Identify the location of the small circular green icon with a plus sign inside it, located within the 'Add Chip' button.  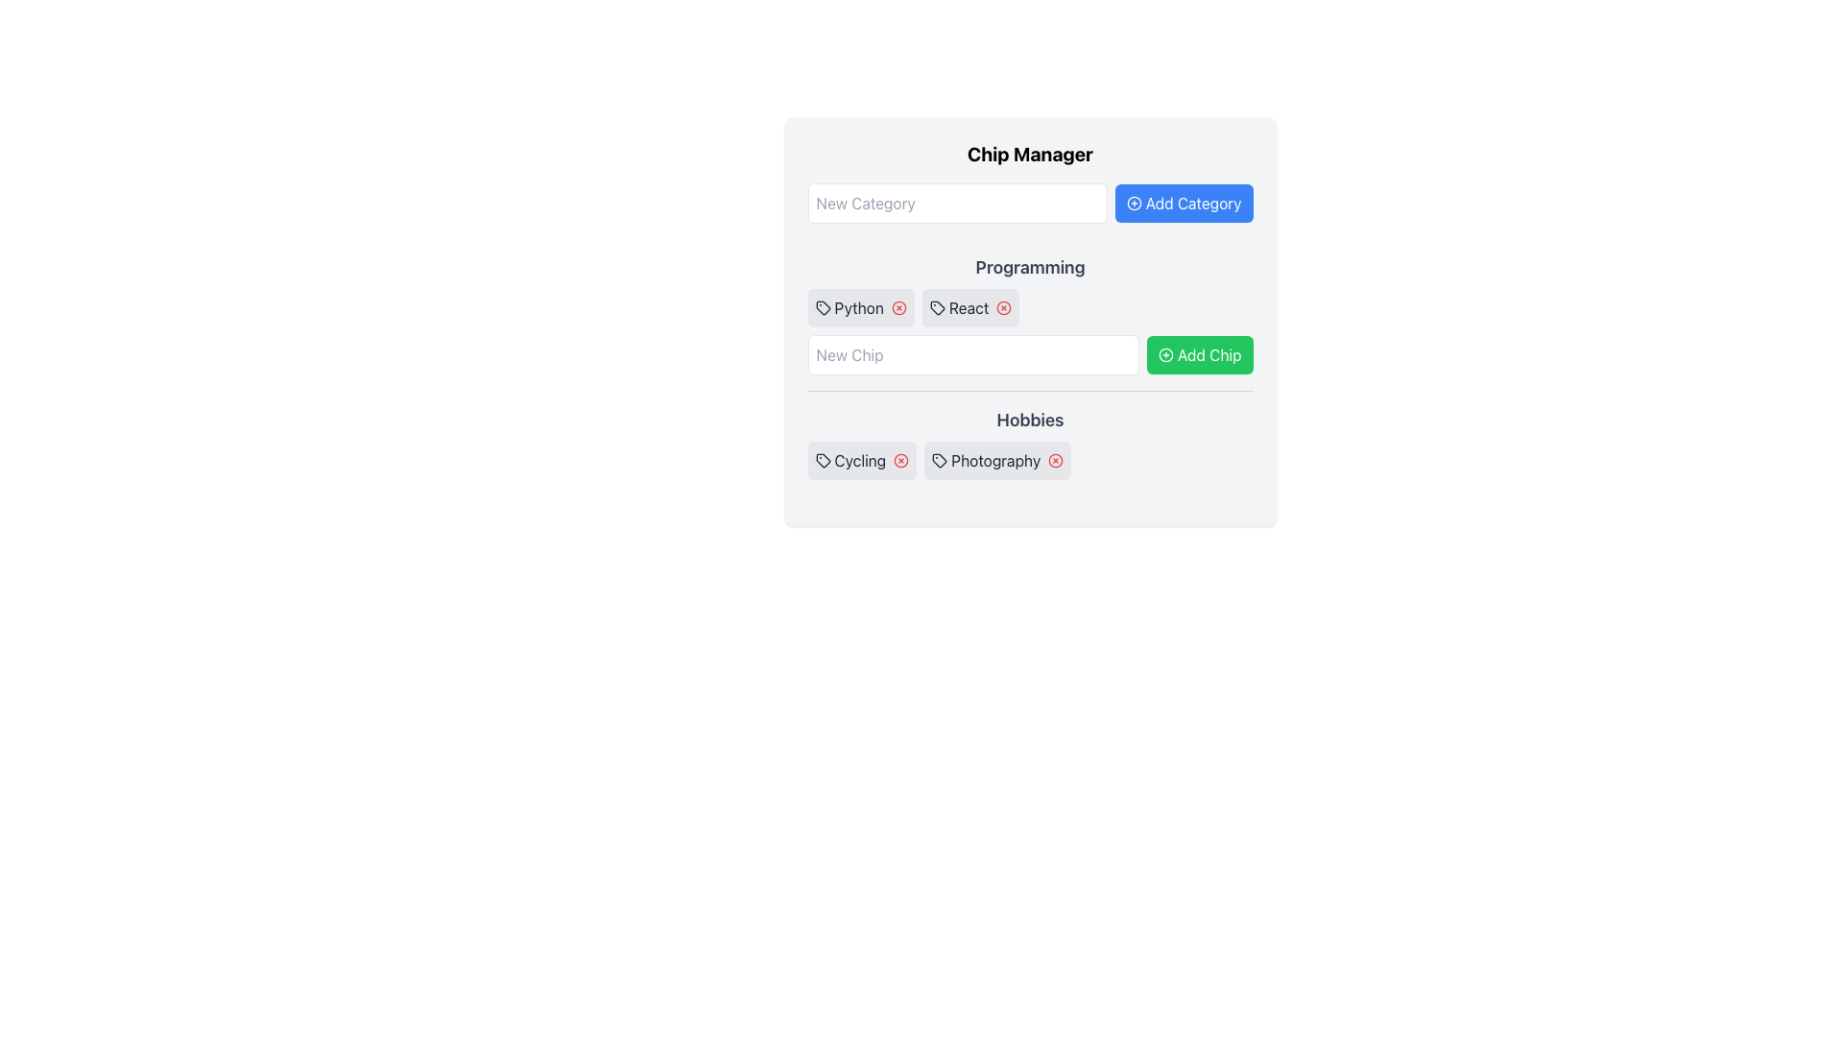
(1164, 355).